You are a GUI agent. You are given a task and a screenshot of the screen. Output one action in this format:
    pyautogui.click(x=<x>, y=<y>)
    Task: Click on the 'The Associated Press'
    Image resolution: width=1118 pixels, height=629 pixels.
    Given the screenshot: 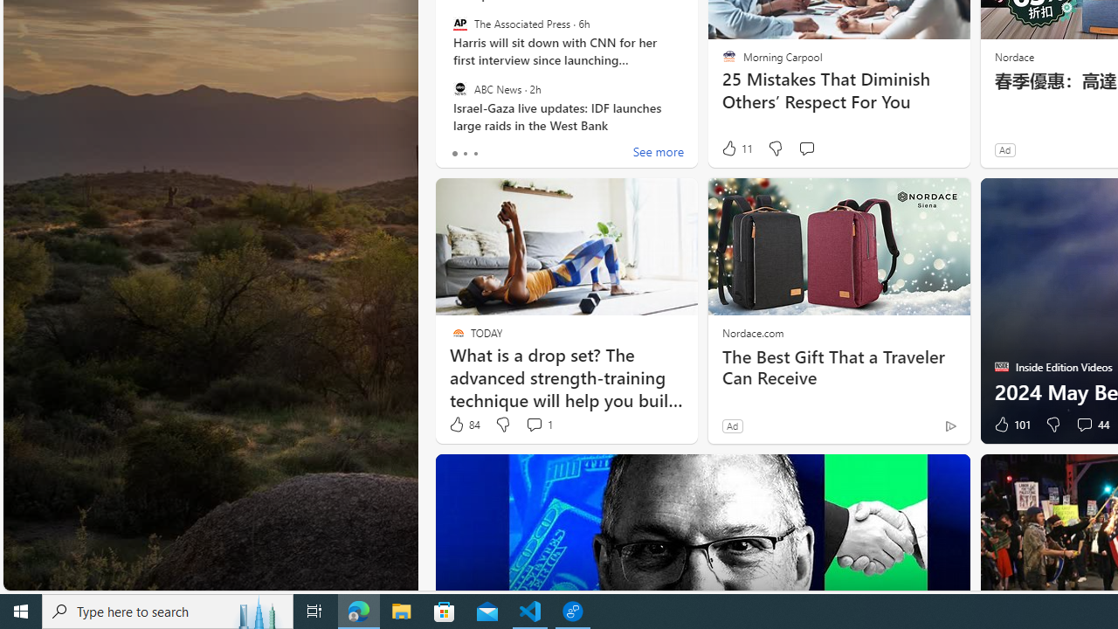 What is the action you would take?
    pyautogui.click(x=459, y=24)
    